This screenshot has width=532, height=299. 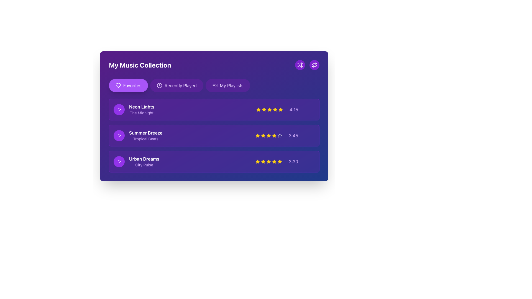 I want to click on the current state of the yellow star icon representing the third position in the rating system, located to the right of the 'Neon Lights' text, so click(x=269, y=110).